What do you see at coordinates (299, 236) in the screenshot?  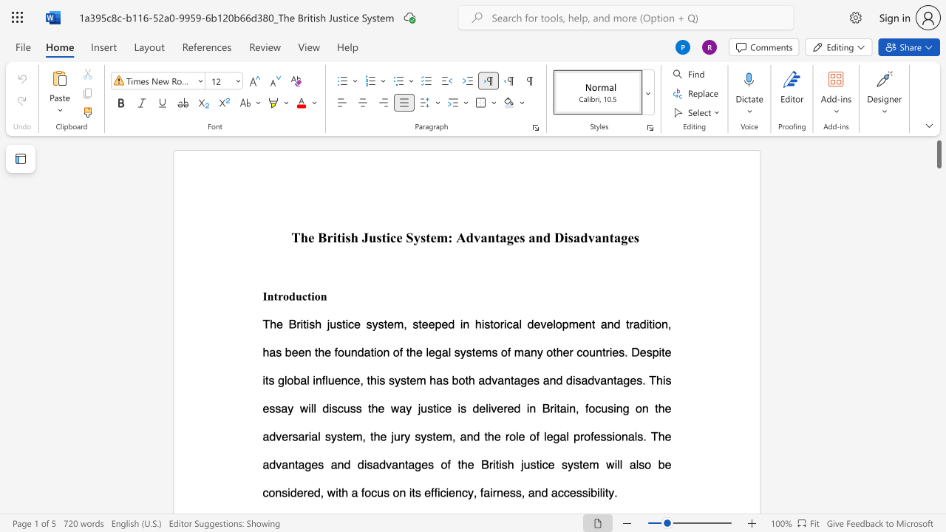 I see `the space between the continuous character "T" and "h" in the text` at bounding box center [299, 236].